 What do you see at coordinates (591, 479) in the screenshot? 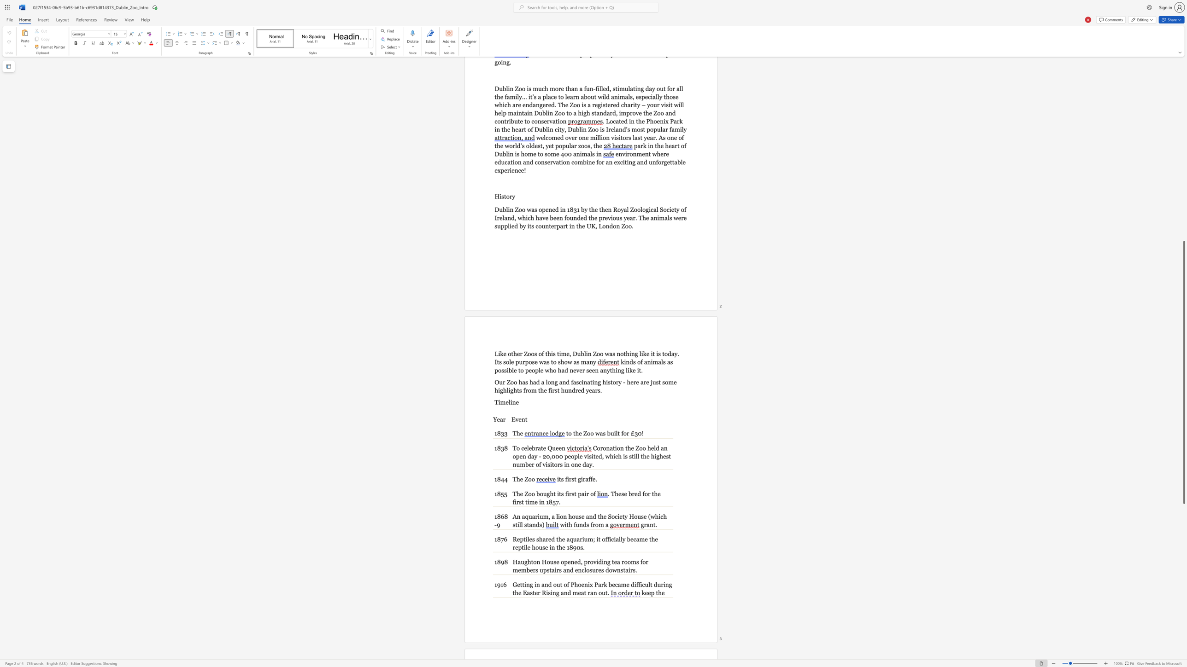
I see `the 3th character "f" in the text` at bounding box center [591, 479].